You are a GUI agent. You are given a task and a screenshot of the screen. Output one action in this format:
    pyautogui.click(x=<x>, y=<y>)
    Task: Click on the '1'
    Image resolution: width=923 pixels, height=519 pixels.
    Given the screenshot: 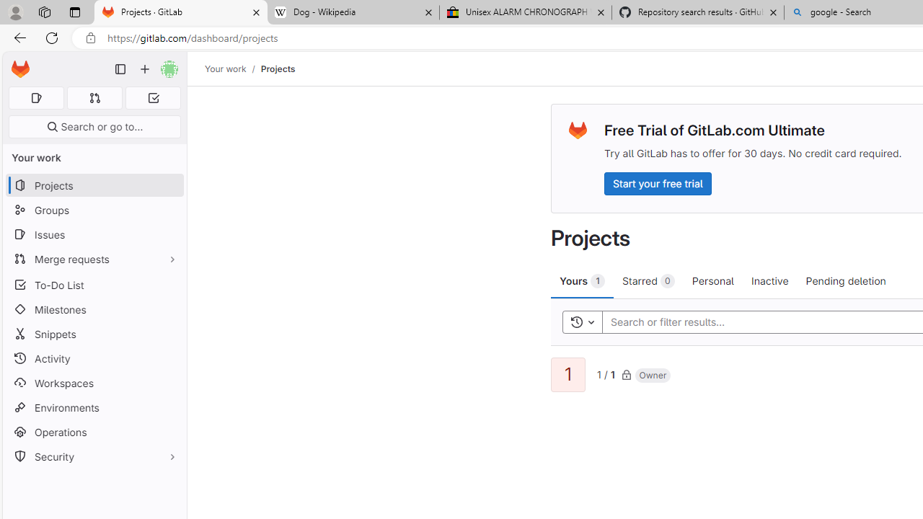 What is the action you would take?
    pyautogui.click(x=567, y=373)
    